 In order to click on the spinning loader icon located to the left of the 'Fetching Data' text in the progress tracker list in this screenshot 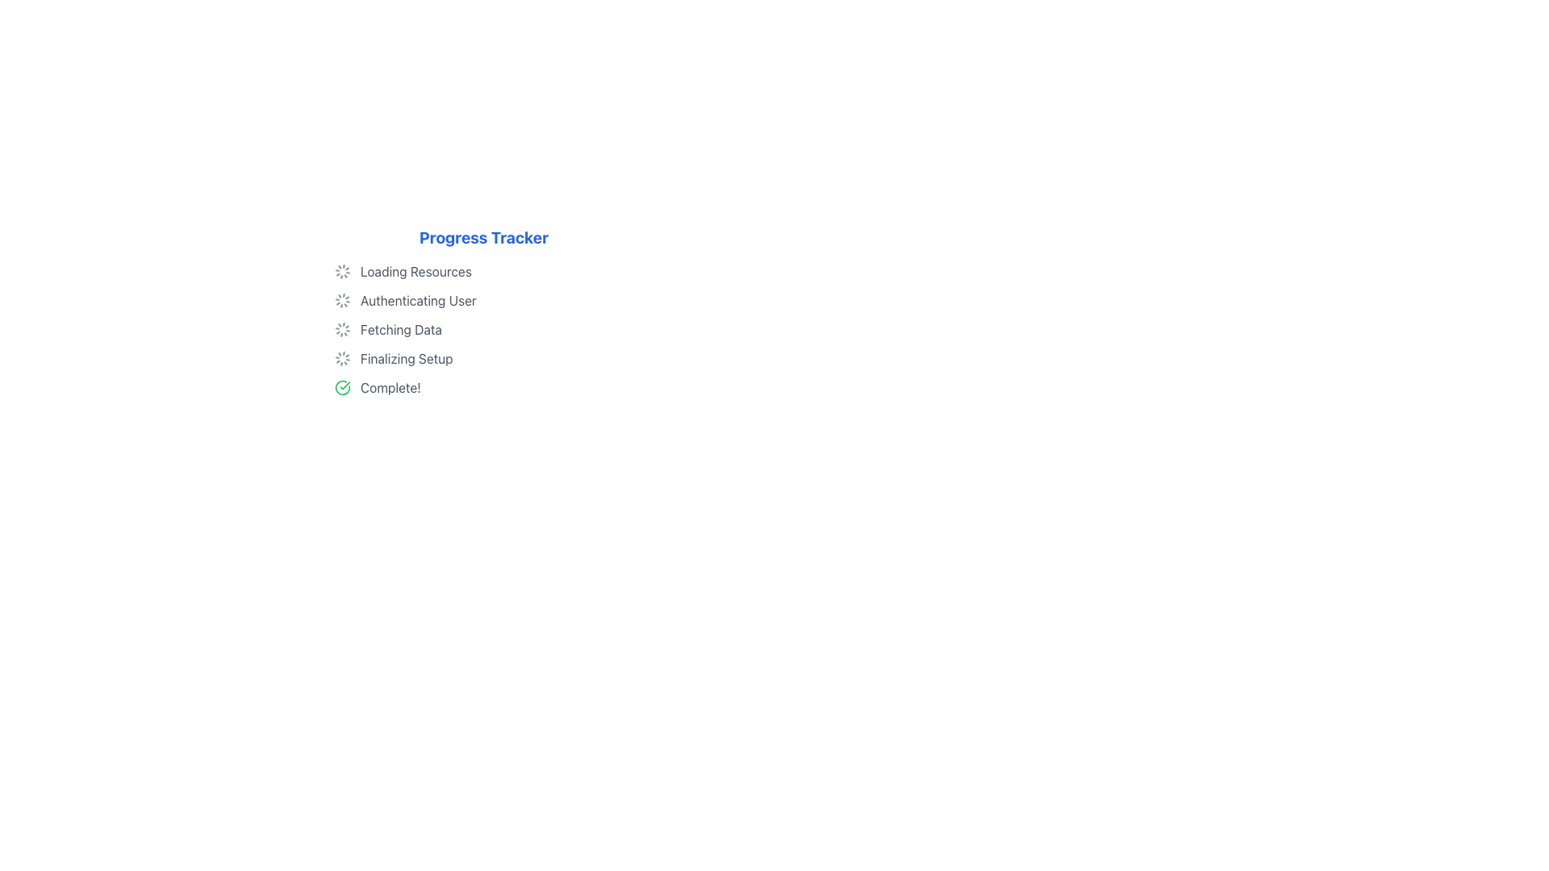, I will do `click(342, 328)`.